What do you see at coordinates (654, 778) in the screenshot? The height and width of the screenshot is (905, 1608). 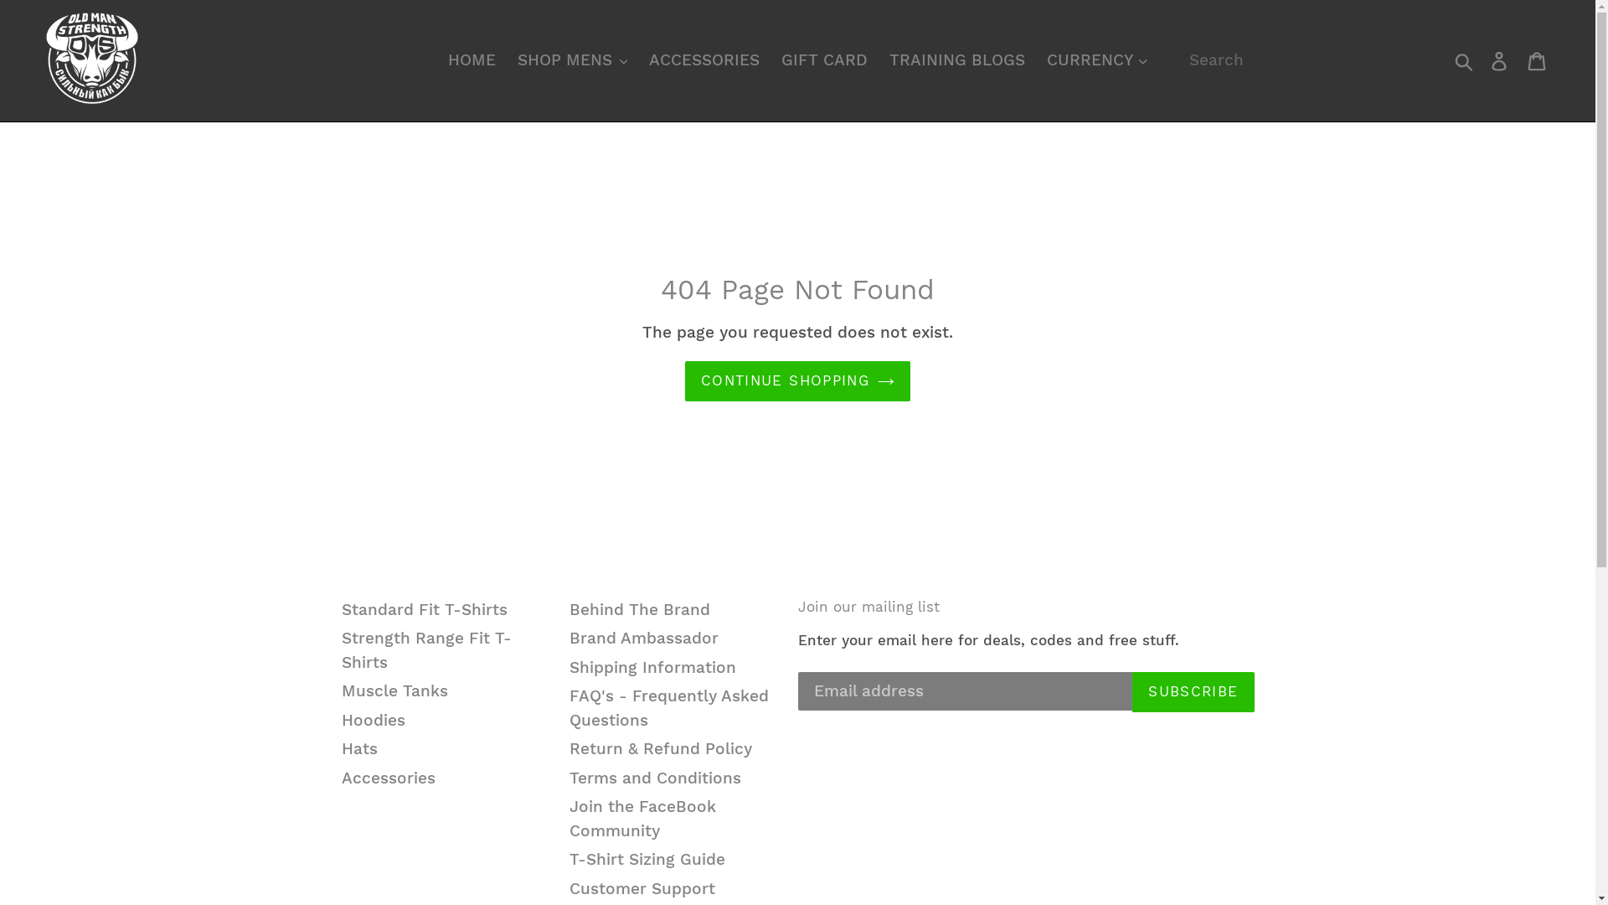 I see `'Terms and Conditions'` at bounding box center [654, 778].